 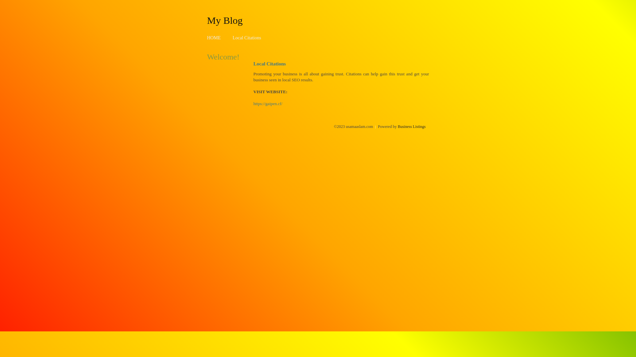 What do you see at coordinates (206, 38) in the screenshot?
I see `'HOME'` at bounding box center [206, 38].